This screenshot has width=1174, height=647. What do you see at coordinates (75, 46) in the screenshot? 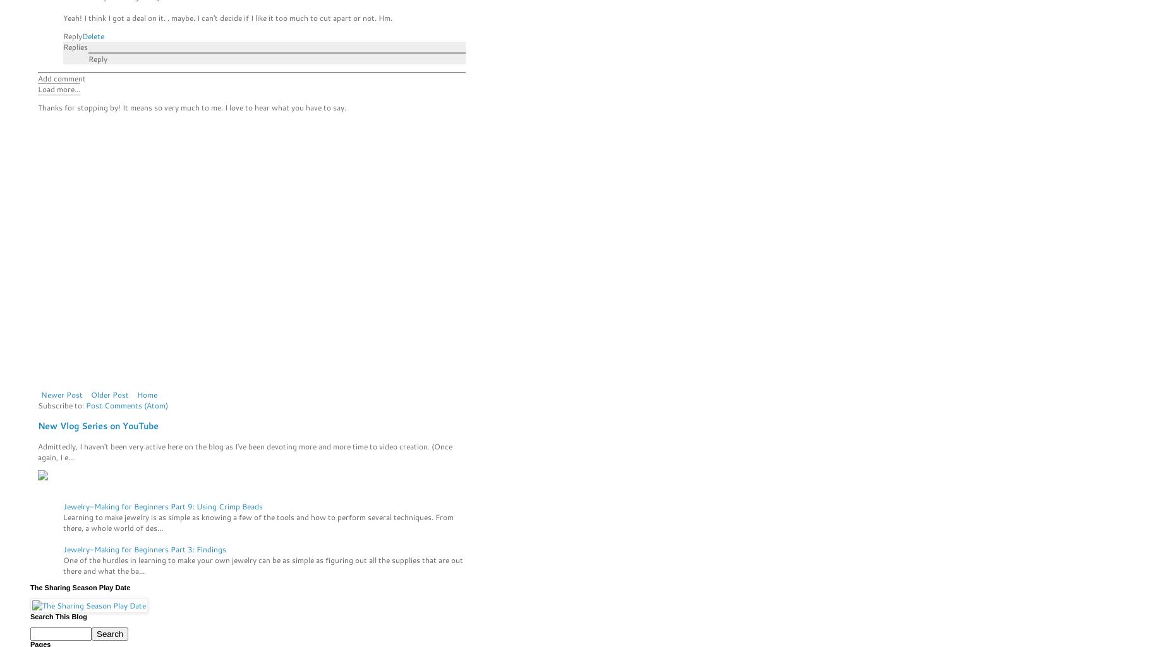
I see `'Replies'` at bounding box center [75, 46].